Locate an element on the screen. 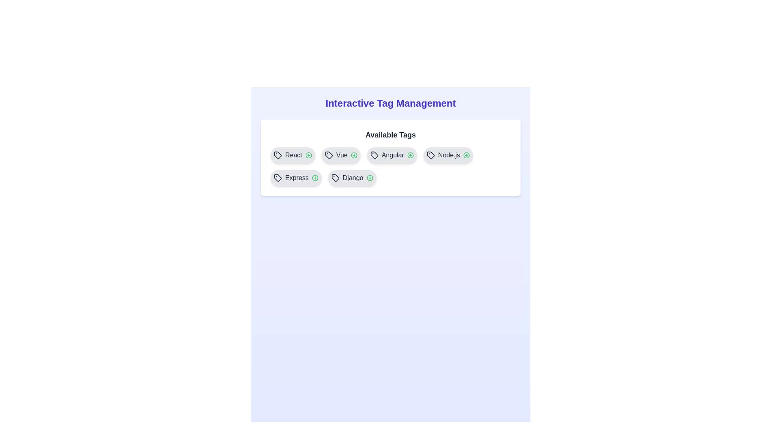 This screenshot has height=438, width=779. the icon button located to the right of the 'Django' tag text label is located at coordinates (369, 178).